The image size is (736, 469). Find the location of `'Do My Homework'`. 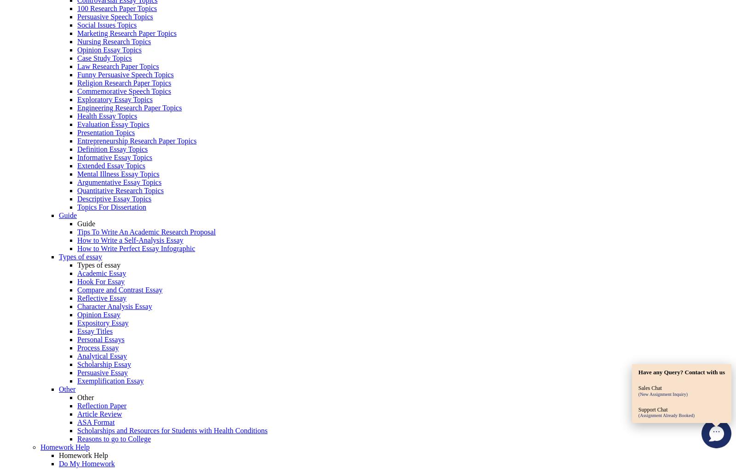

'Do My Homework' is located at coordinates (58, 463).